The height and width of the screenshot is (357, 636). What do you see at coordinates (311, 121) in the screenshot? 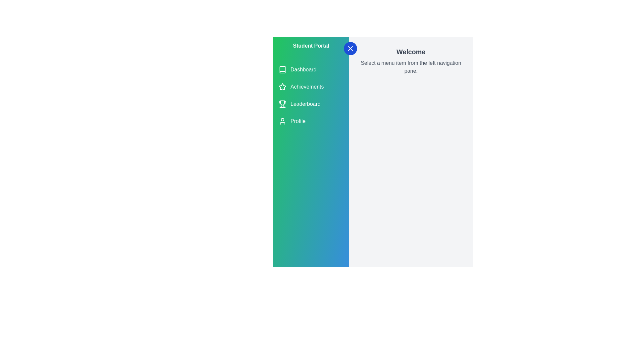
I see `the menu item Profile to observe visual feedback` at bounding box center [311, 121].